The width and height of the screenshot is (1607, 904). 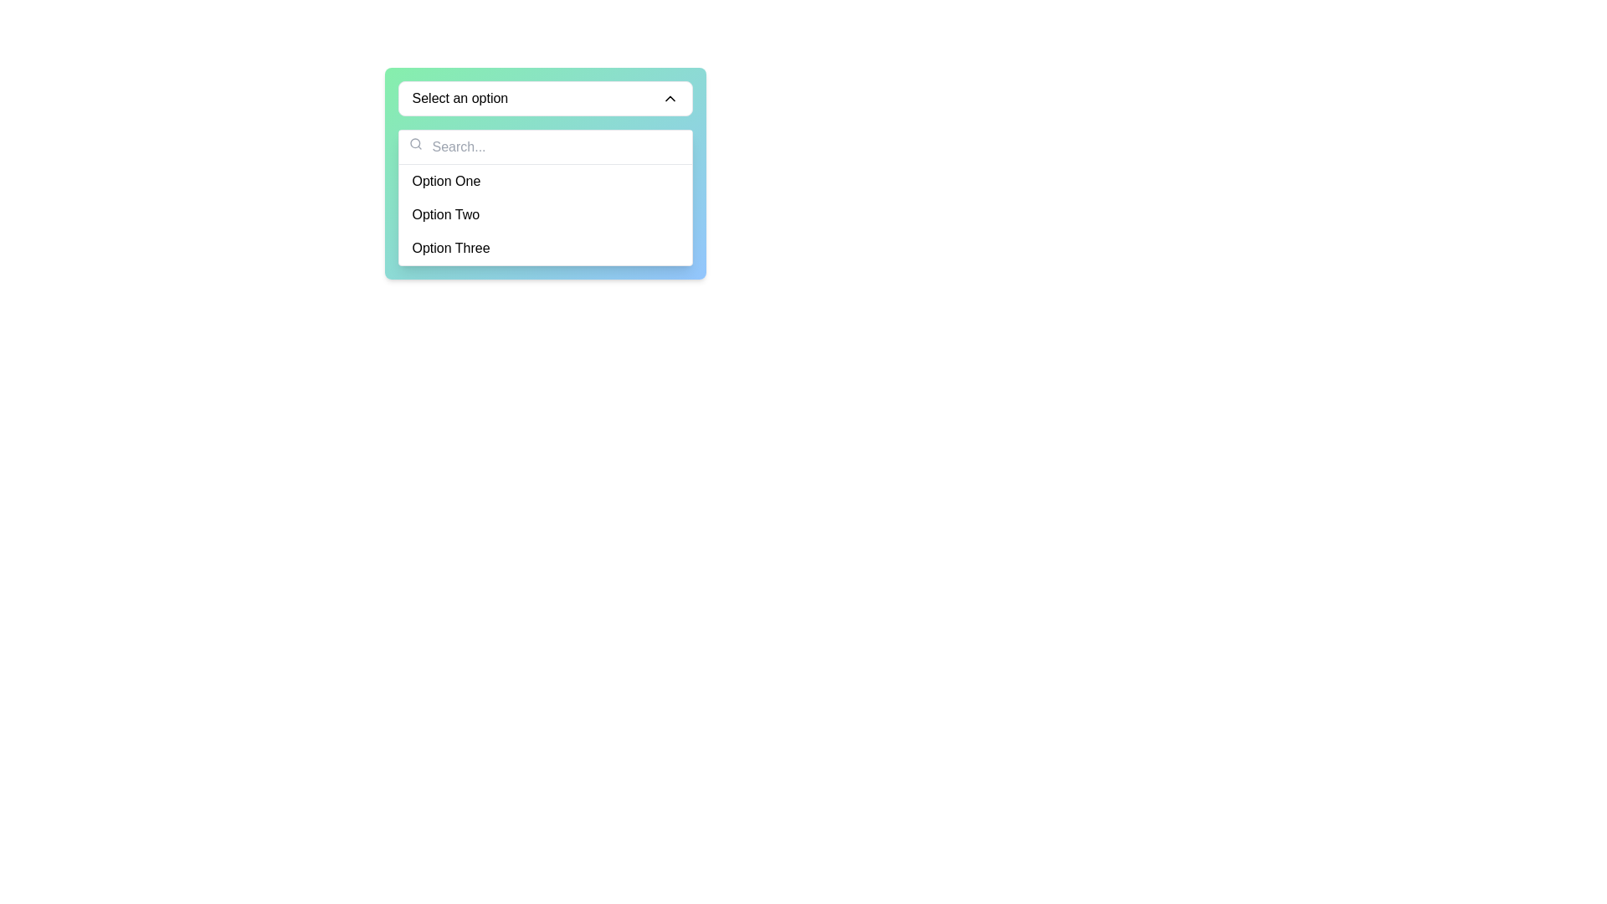 I want to click on the 'Option Two' text label within the dropdown menu, so click(x=445, y=214).